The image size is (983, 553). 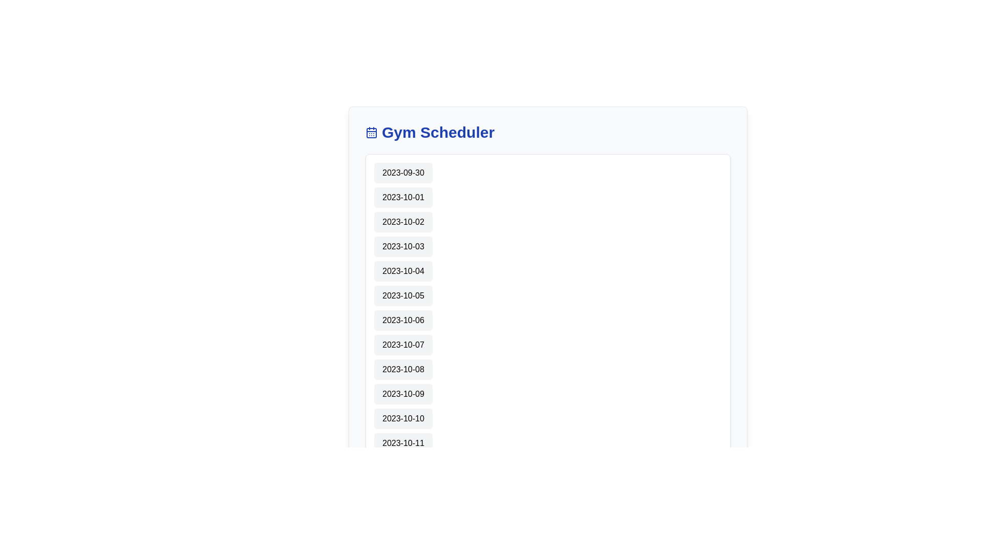 What do you see at coordinates (402, 247) in the screenshot?
I see `the label or button displaying the date '2023-10-03'` at bounding box center [402, 247].